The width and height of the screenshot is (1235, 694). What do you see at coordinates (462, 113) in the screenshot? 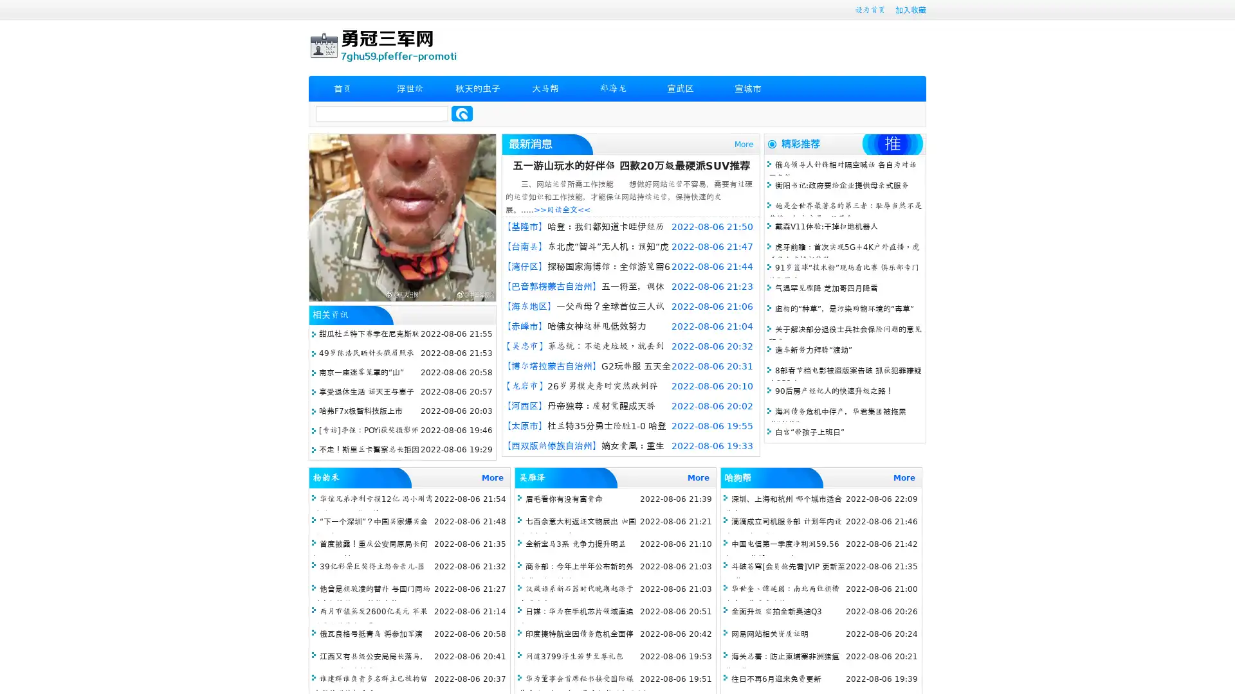
I see `Search` at bounding box center [462, 113].